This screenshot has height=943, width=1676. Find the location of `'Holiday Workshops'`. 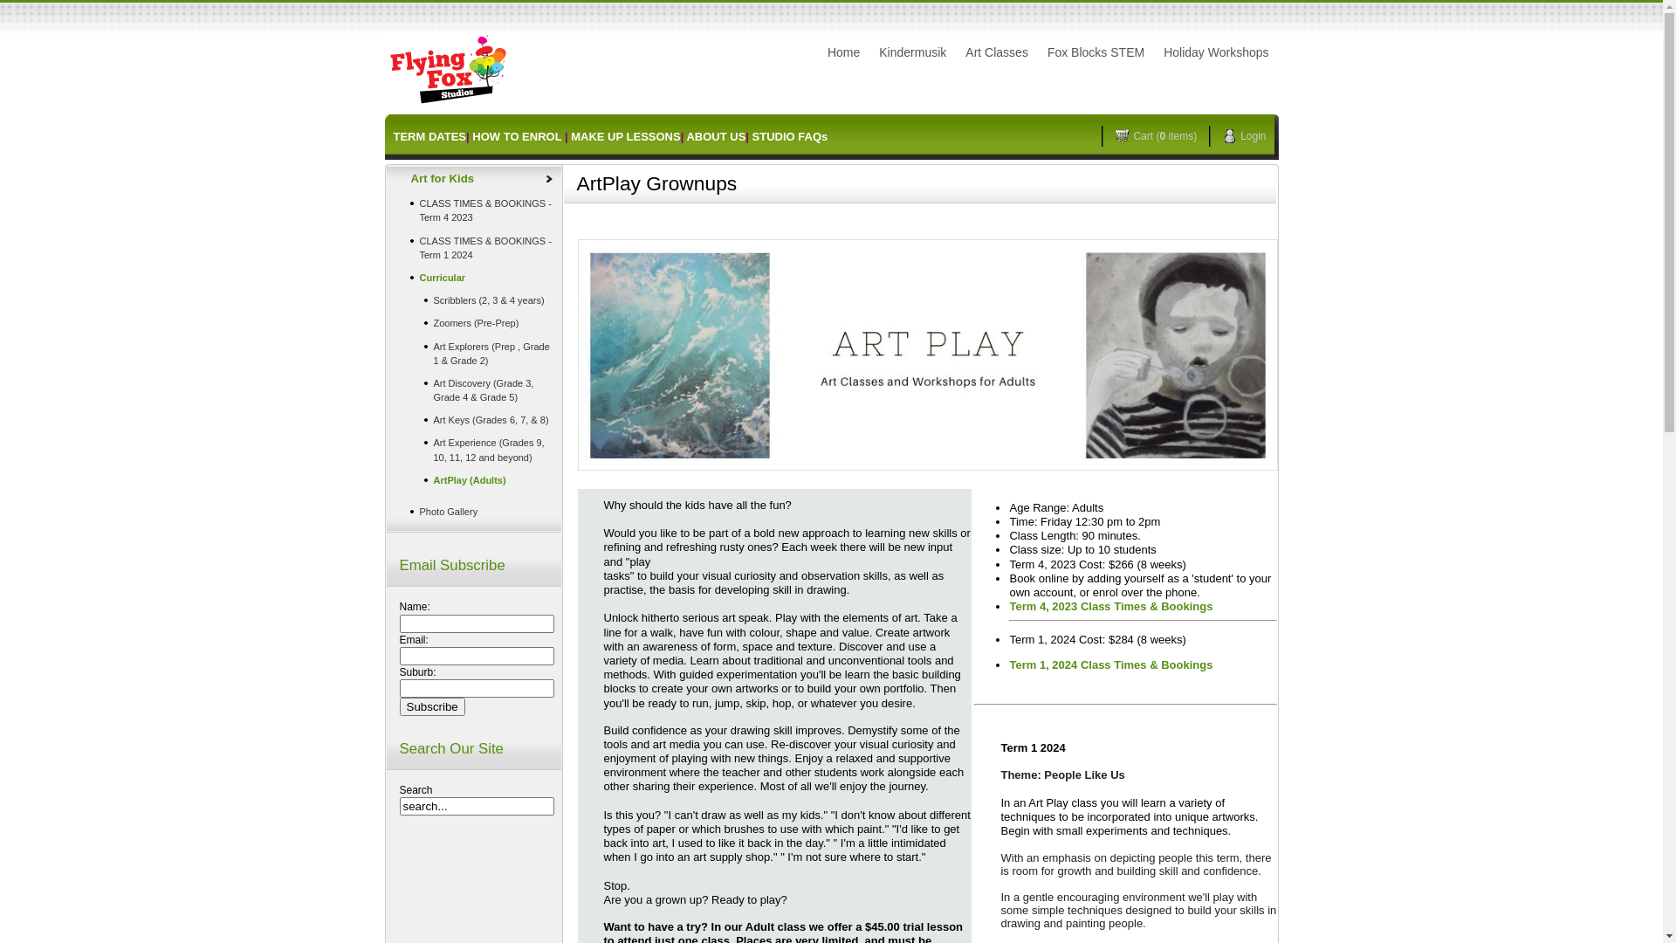

'Holiday Workshops' is located at coordinates (1214, 52).